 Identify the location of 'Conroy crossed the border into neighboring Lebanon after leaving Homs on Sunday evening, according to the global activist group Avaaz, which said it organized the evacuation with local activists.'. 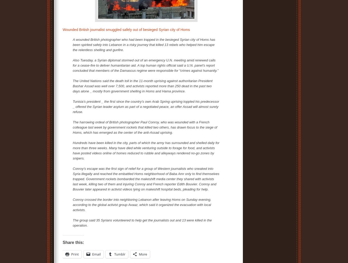
(142, 205).